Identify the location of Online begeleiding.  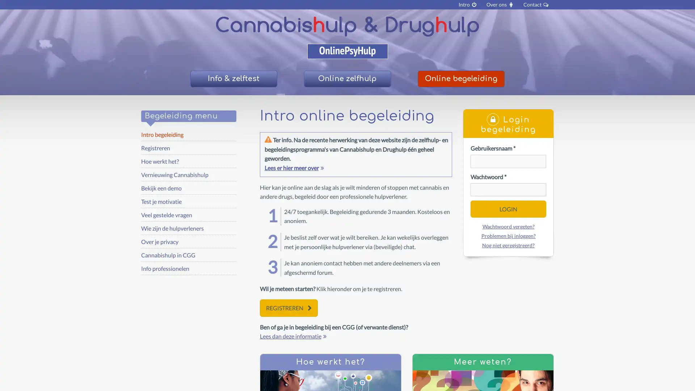
(460, 79).